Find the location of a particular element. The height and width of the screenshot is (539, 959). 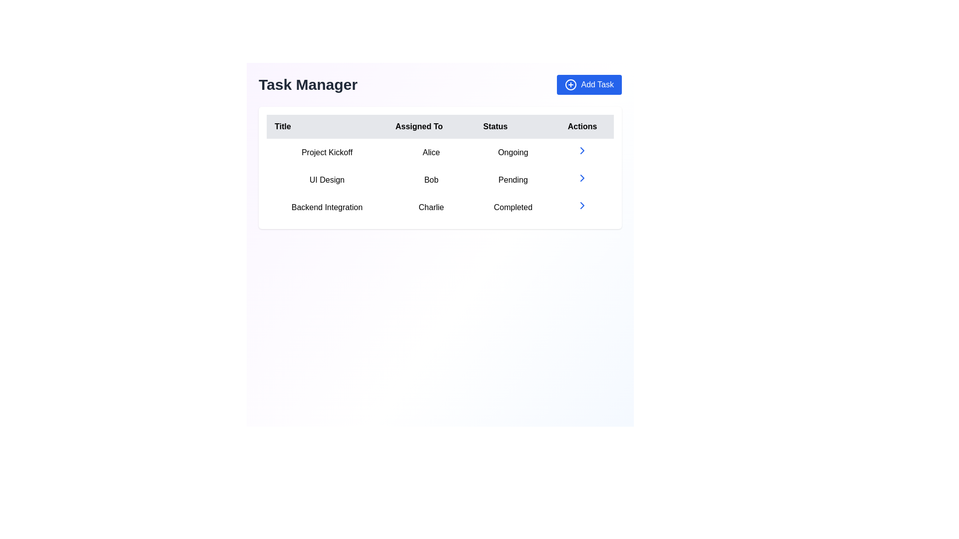

the text label that displays the task's title in the third row of the data table, under the header 'Title', which is located to the left of 'Charlie' and 'Completed' is located at coordinates (327, 207).